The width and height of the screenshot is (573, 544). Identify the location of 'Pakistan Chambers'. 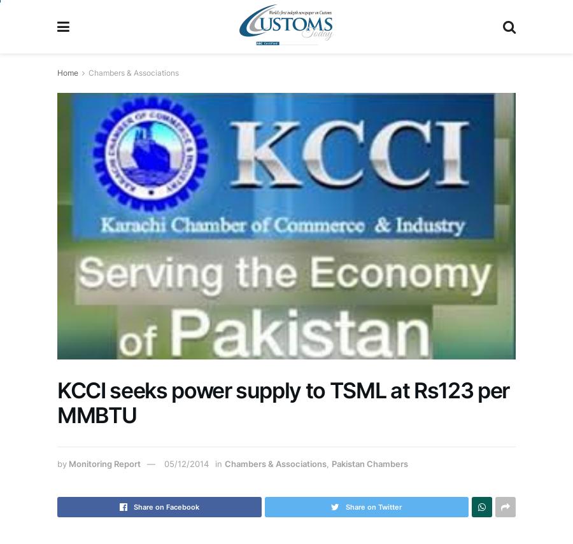
(331, 463).